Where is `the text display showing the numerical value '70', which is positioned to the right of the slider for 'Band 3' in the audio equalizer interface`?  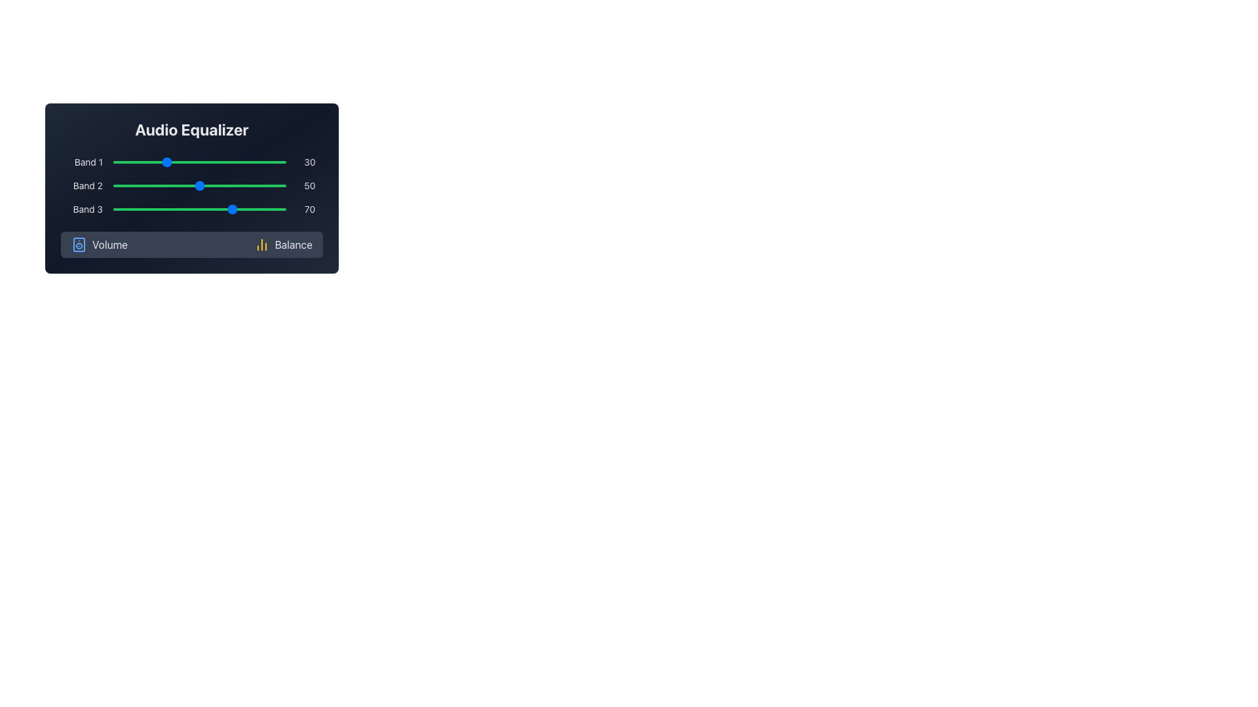 the text display showing the numerical value '70', which is positioned to the right of the slider for 'Band 3' in the audio equalizer interface is located at coordinates (309, 209).